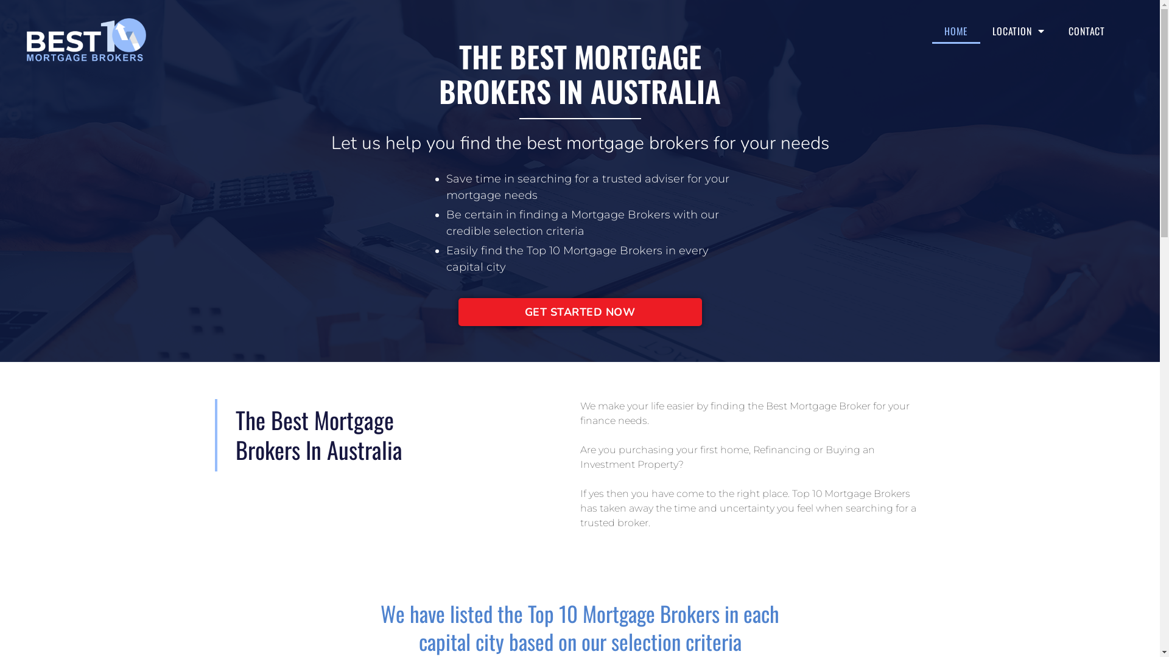 The height and width of the screenshot is (657, 1169). What do you see at coordinates (578, 311) in the screenshot?
I see `'GET STARTED NOW'` at bounding box center [578, 311].